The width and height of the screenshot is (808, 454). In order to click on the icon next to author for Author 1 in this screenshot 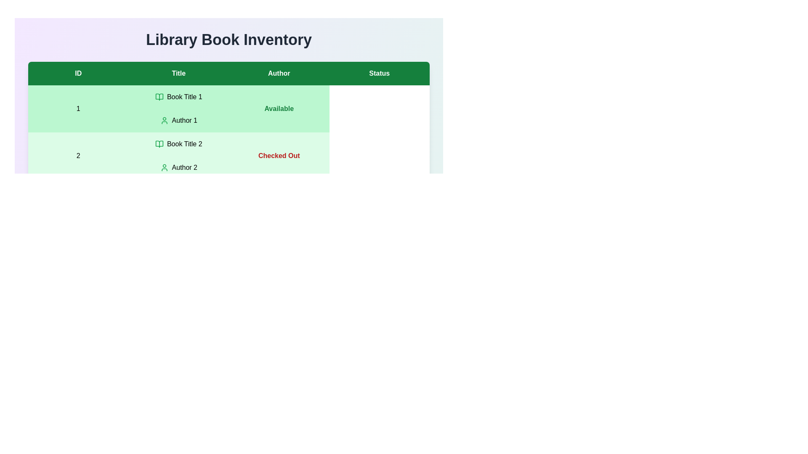, I will do `click(164, 120)`.